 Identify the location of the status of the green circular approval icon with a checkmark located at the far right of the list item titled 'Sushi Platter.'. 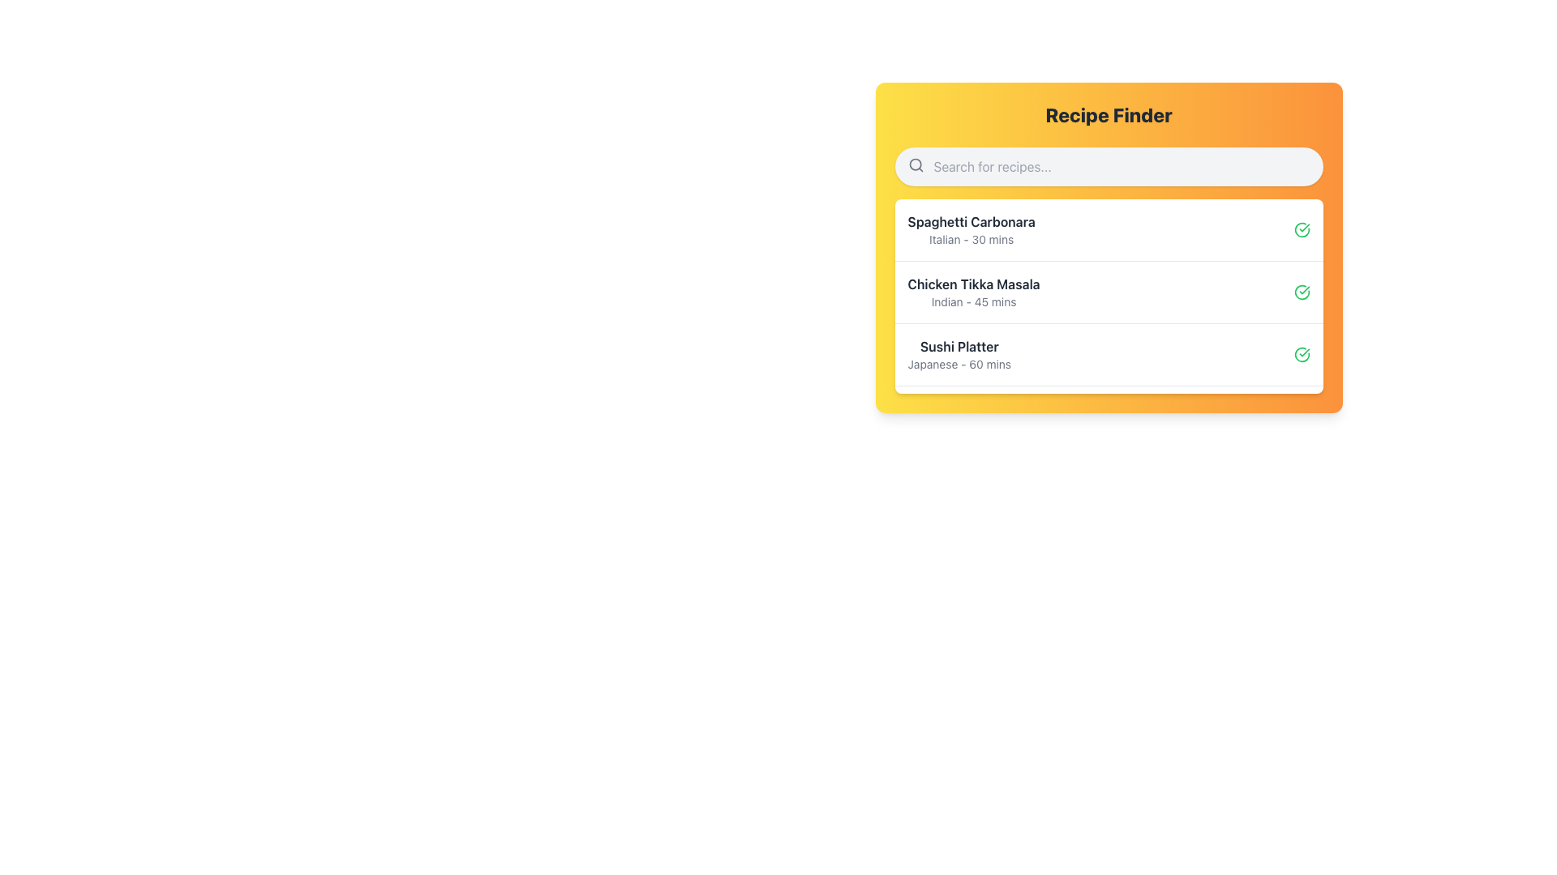
(1302, 354).